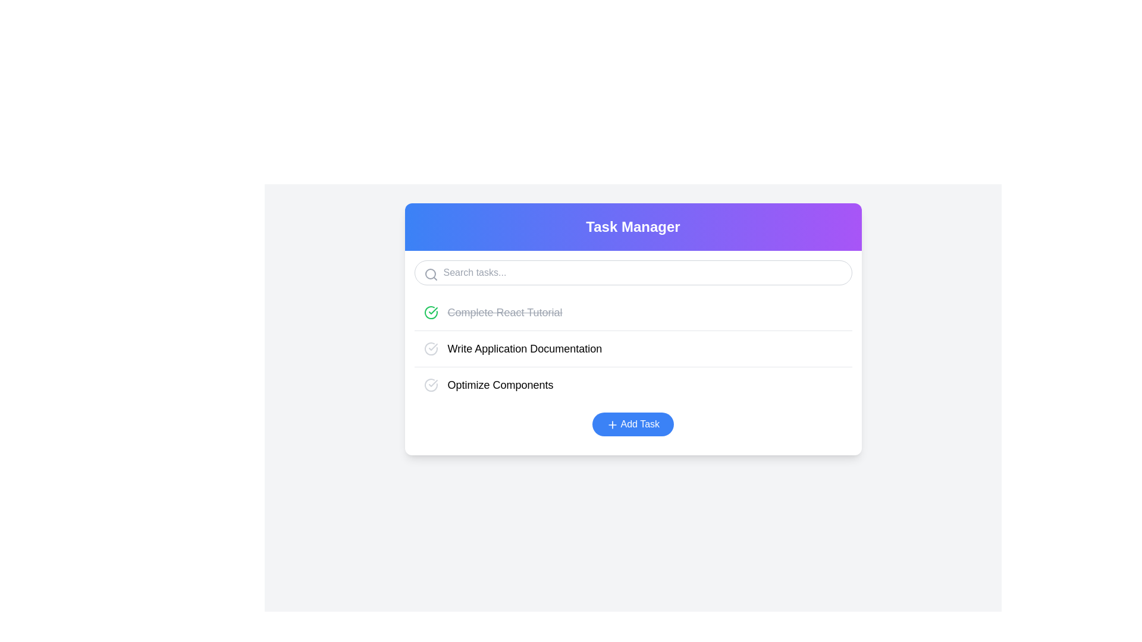 This screenshot has width=1142, height=642. I want to click on the blue plus sign icon, so click(612, 424).